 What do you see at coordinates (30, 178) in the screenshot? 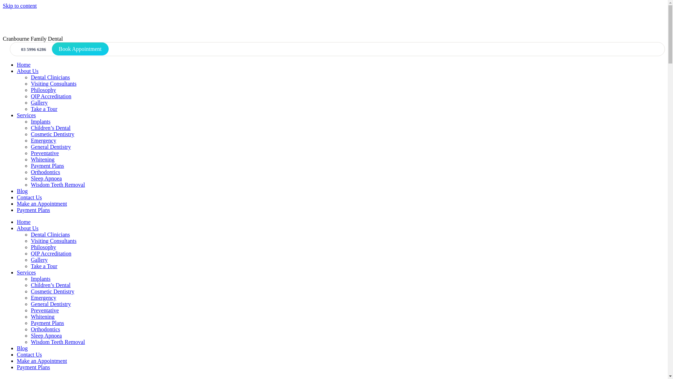
I see `'Sleep Apnoea'` at bounding box center [30, 178].